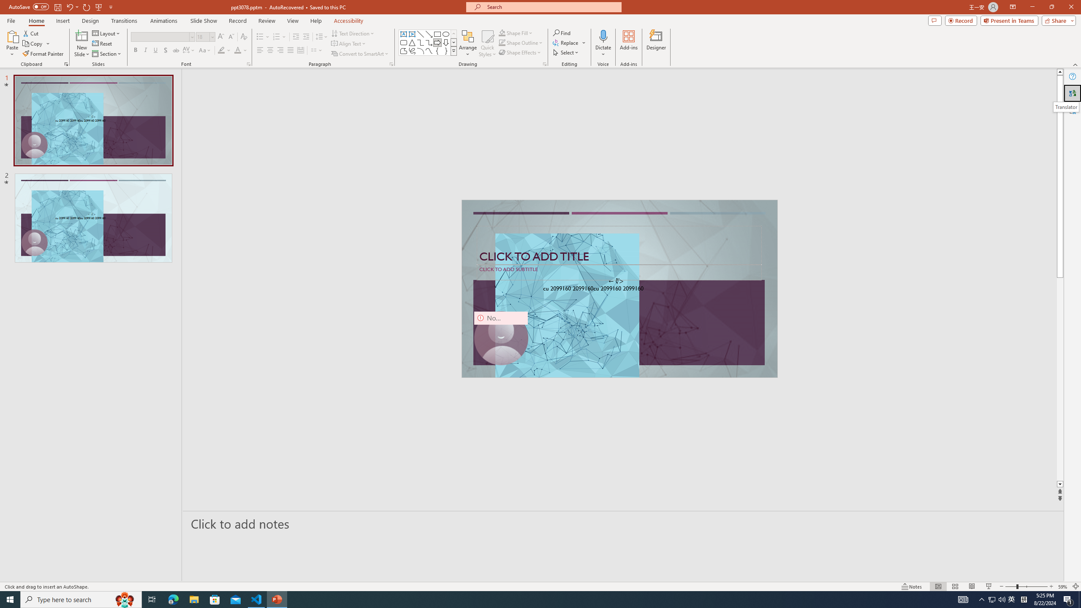  Describe the element at coordinates (502, 42) in the screenshot. I see `'Shape Outline Green, Accent 1'` at that location.